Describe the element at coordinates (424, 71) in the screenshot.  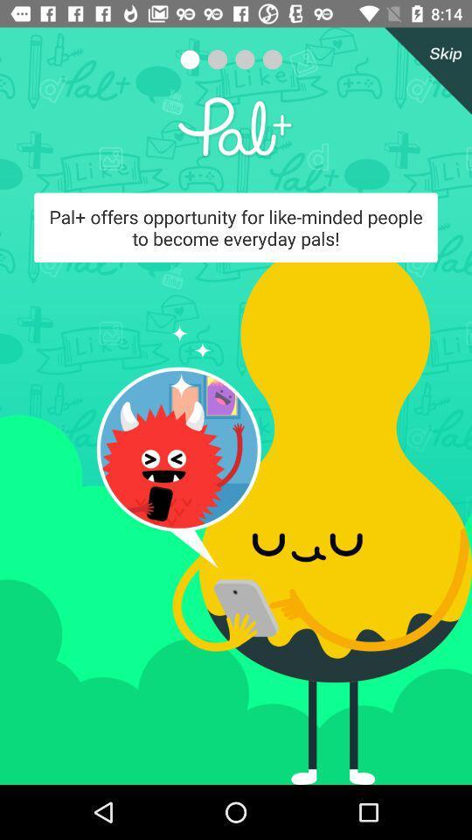
I see `skip through the advertisement` at that location.